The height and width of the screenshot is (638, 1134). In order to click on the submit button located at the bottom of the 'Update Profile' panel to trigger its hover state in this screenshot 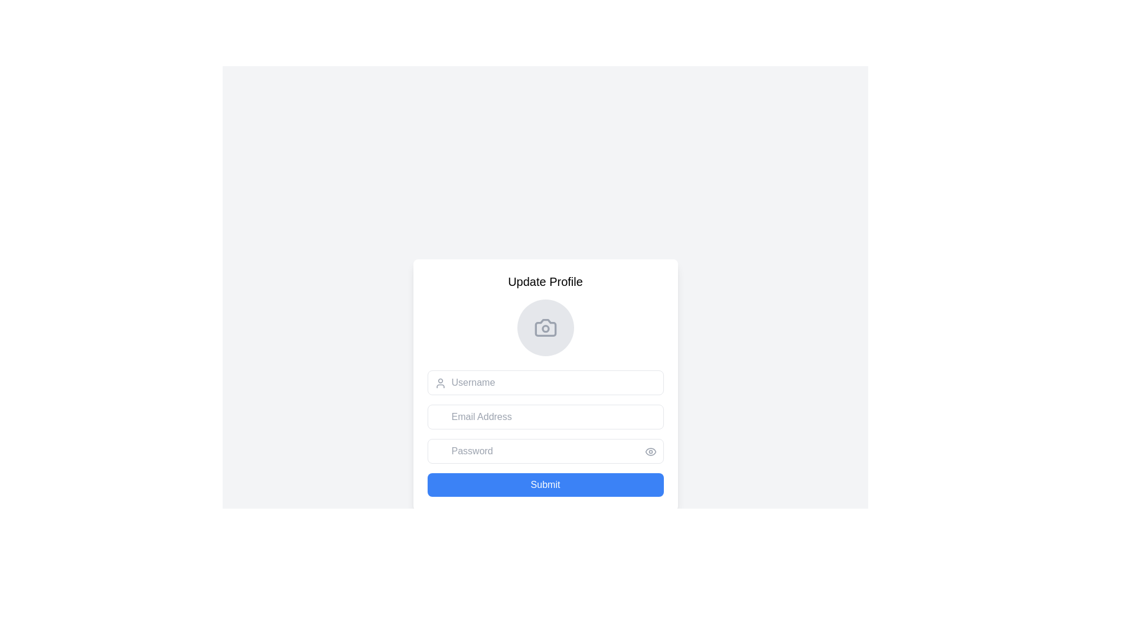, I will do `click(545, 485)`.